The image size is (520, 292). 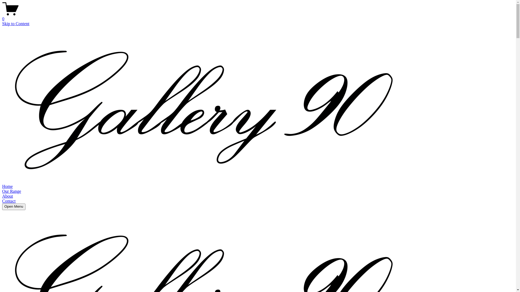 What do you see at coordinates (14, 207) in the screenshot?
I see `'Open Menu'` at bounding box center [14, 207].